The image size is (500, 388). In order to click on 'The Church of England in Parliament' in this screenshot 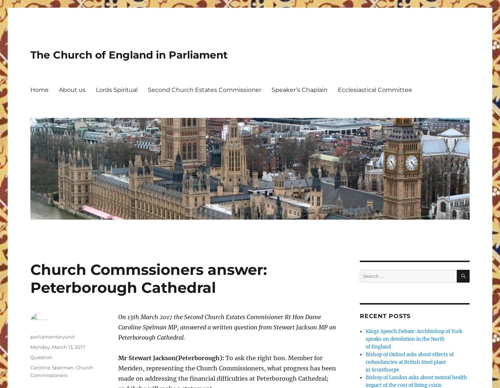, I will do `click(128, 54)`.